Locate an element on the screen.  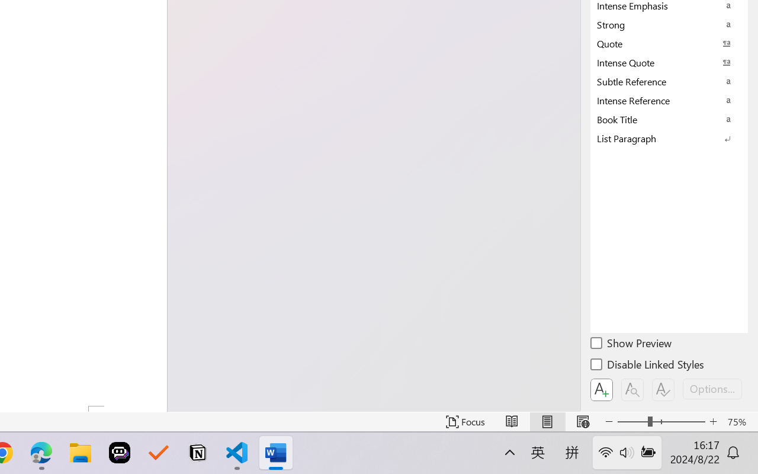
'Quote' is located at coordinates (669, 43).